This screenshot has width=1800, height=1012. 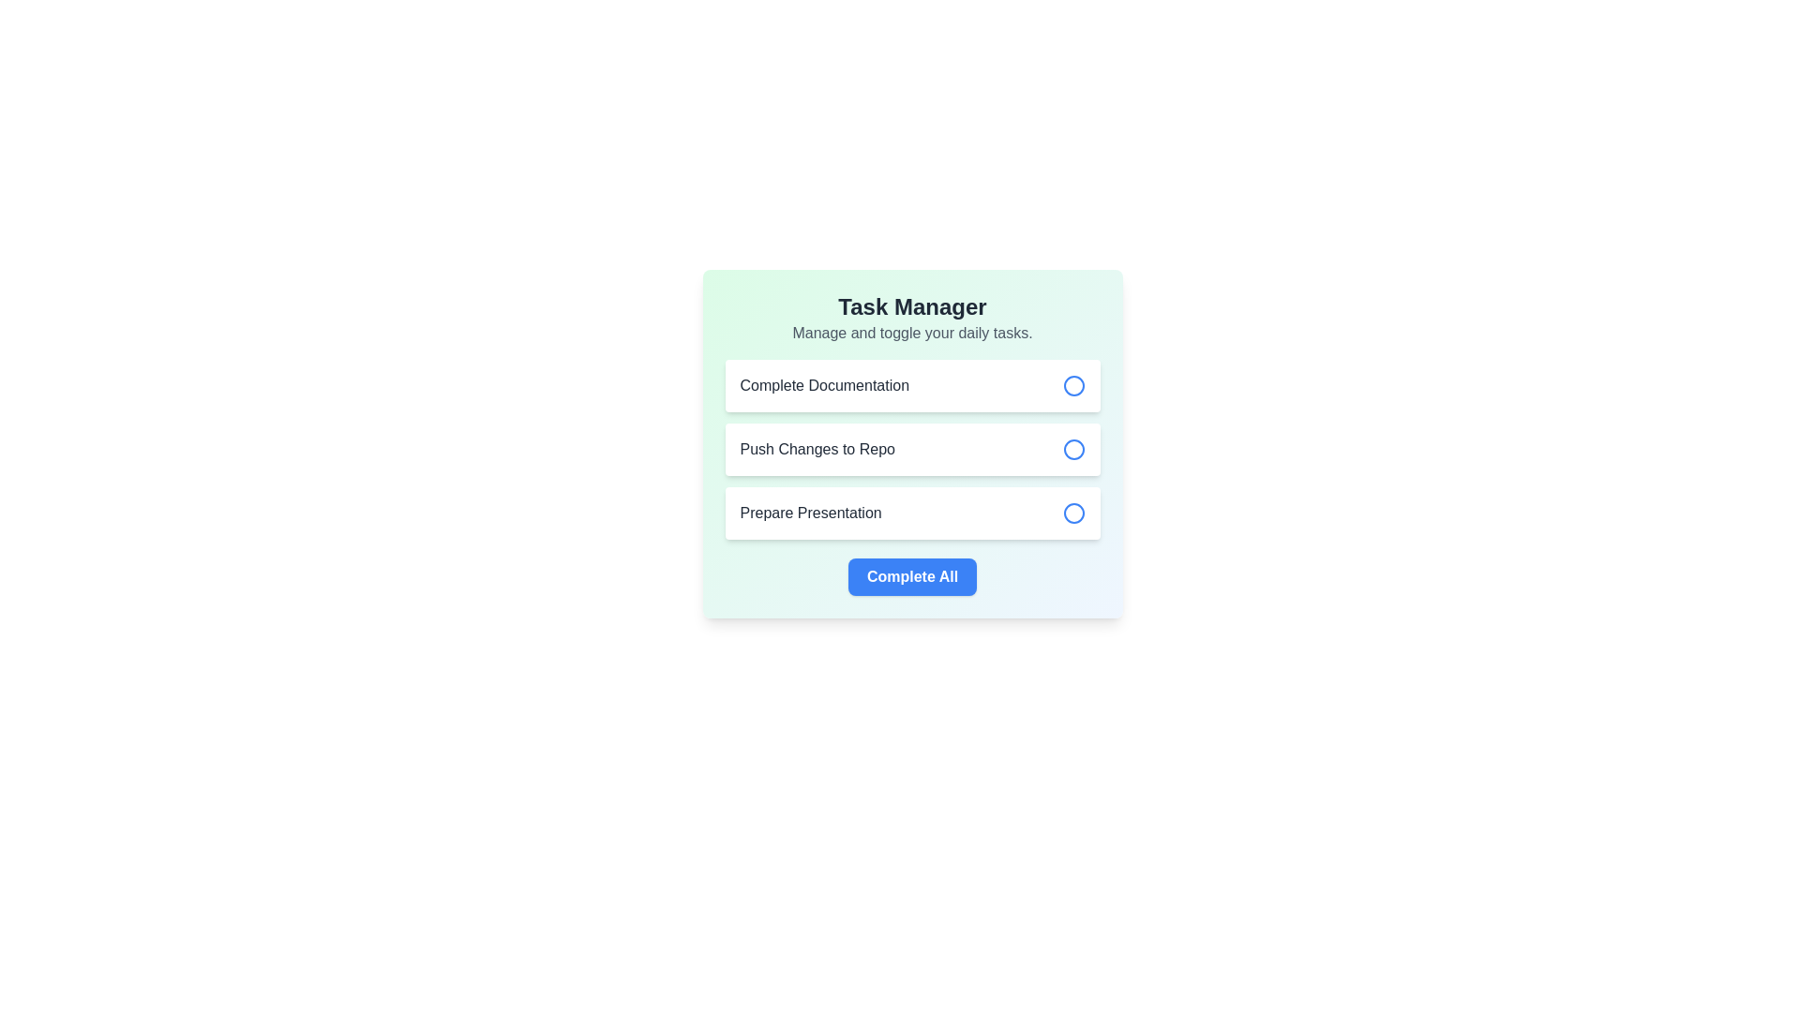 I want to click on the static text reading 'Manage and toggle your daily tasks.' which is located directly below the title 'Task Manager' in the centered card interface, so click(x=912, y=332).